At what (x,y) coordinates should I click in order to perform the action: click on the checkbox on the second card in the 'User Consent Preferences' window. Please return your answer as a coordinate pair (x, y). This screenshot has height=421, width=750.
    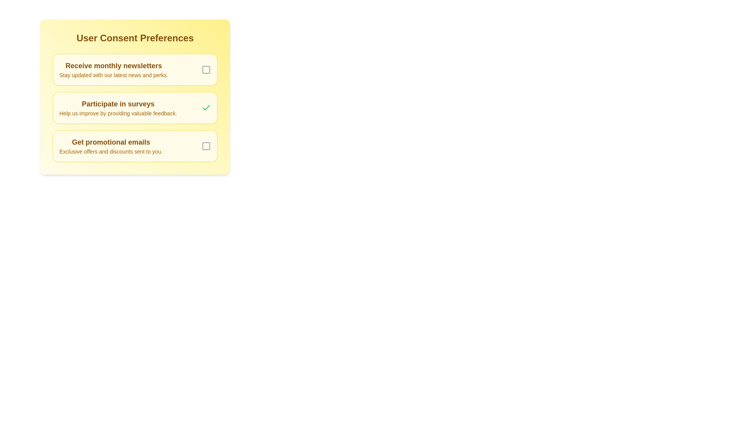
    Looking at the image, I should click on (135, 108).